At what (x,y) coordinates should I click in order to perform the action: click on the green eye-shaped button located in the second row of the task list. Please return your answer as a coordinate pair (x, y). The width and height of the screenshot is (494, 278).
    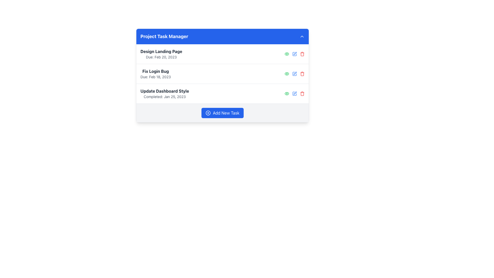
    Looking at the image, I should click on (286, 74).